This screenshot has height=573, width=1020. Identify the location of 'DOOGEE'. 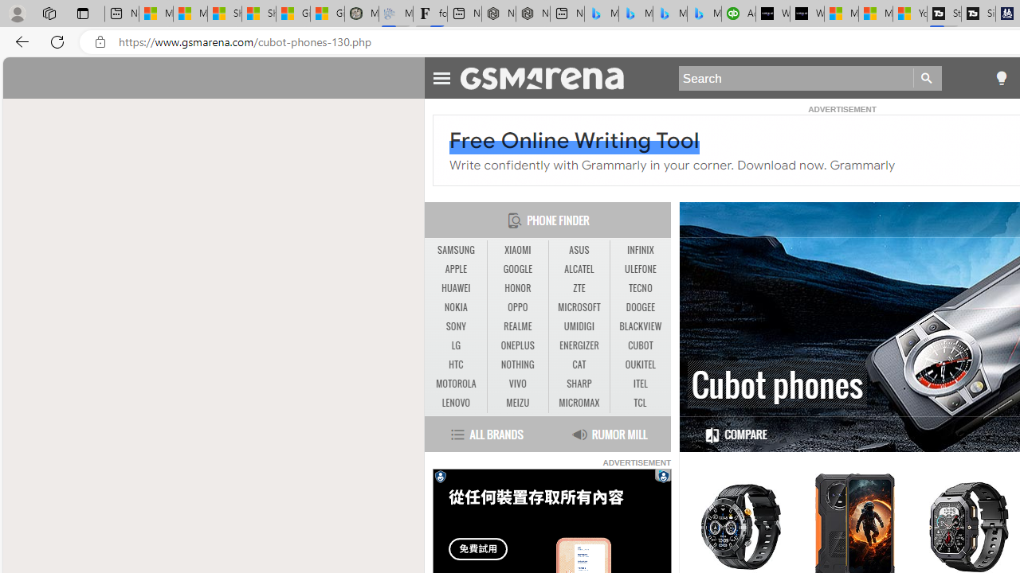
(640, 308).